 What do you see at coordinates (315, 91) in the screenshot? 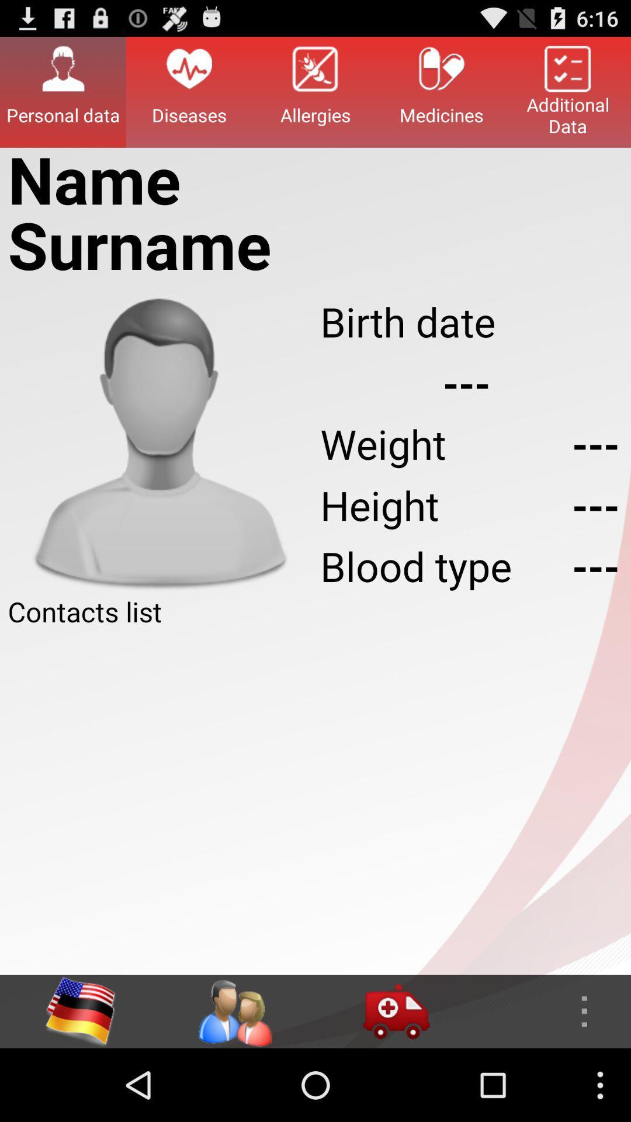
I see `the icon at the top` at bounding box center [315, 91].